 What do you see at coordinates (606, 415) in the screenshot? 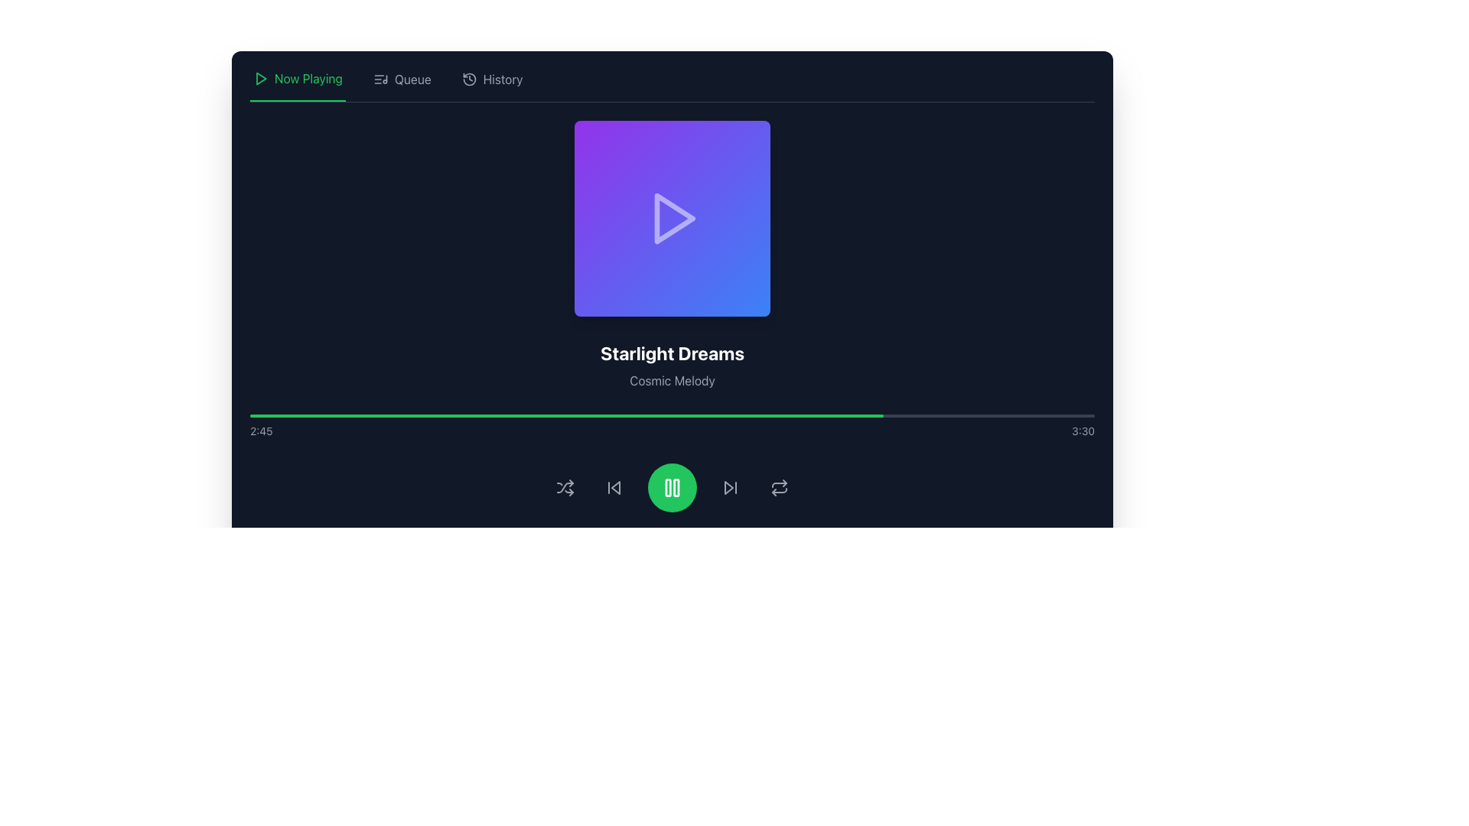
I see `playback position` at bounding box center [606, 415].